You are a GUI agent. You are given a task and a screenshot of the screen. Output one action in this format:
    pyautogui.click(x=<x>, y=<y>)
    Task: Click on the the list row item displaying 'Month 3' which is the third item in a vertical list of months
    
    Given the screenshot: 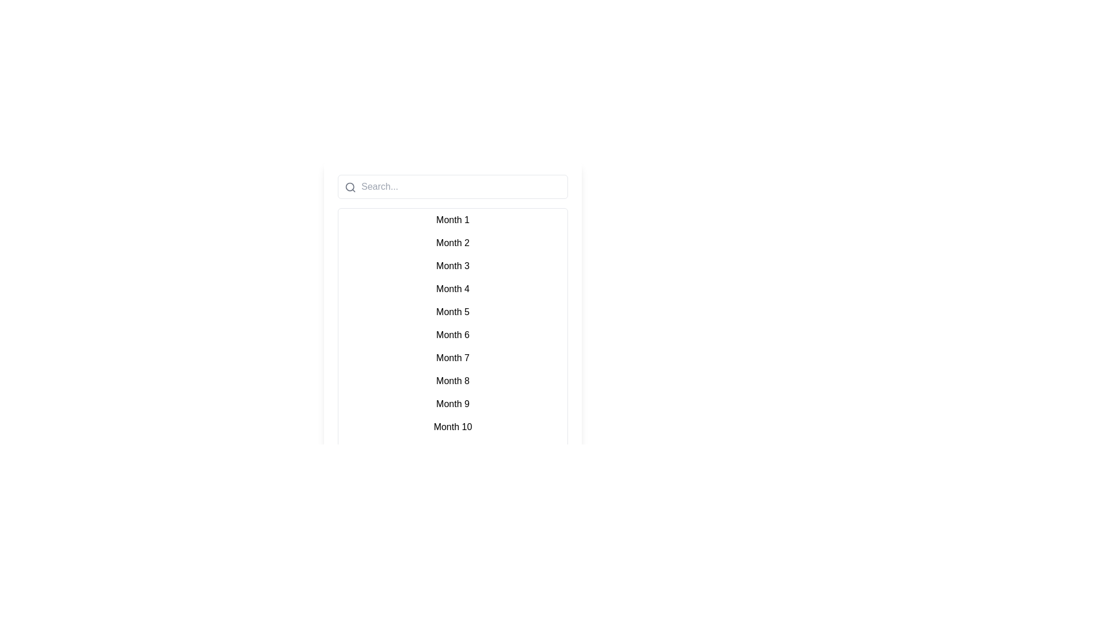 What is the action you would take?
    pyautogui.click(x=452, y=266)
    